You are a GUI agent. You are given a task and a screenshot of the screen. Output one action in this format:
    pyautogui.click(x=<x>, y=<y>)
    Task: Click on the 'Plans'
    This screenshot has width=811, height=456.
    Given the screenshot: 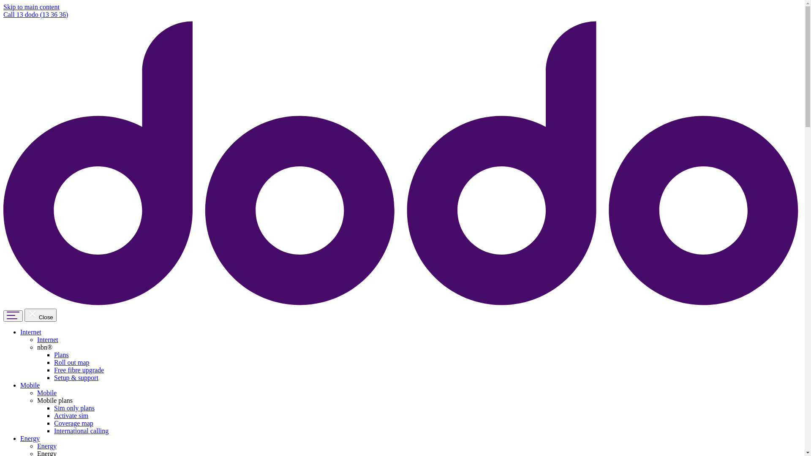 What is the action you would take?
    pyautogui.click(x=61, y=355)
    